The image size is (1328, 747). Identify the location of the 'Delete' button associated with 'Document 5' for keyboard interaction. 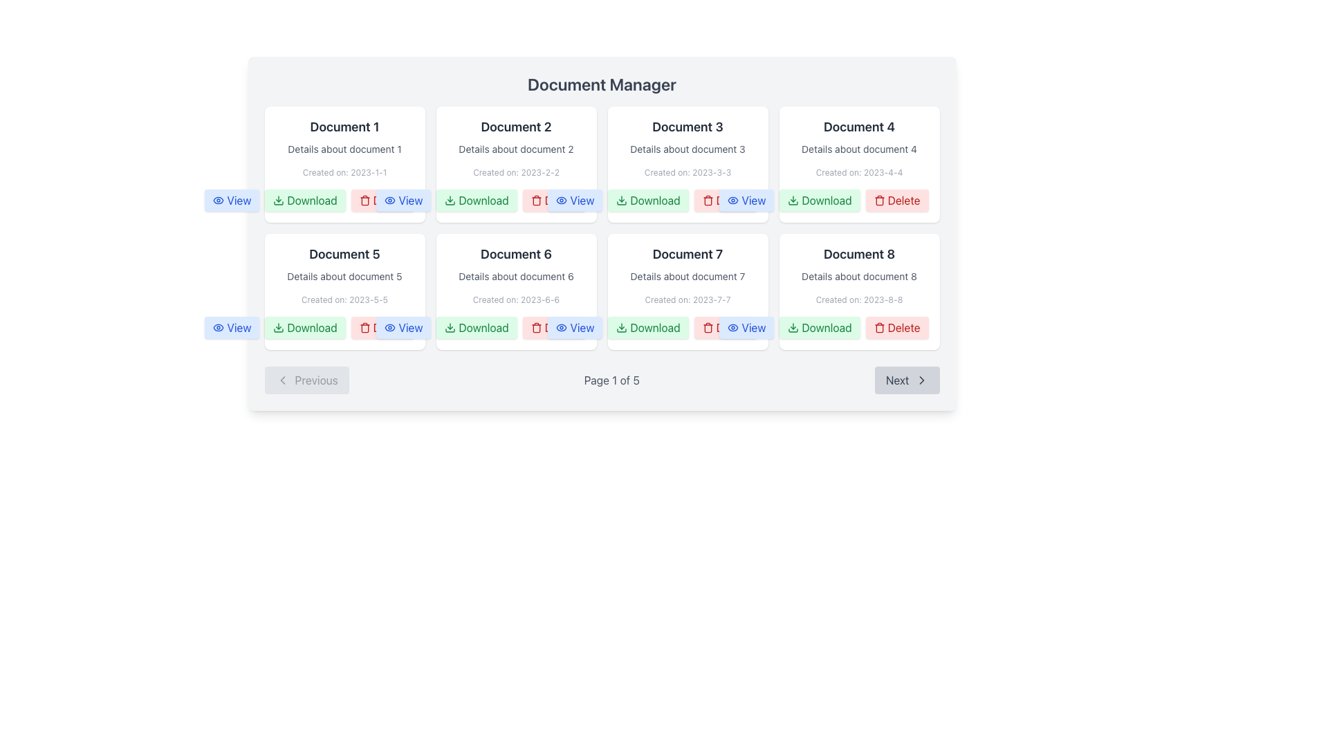
(382, 328).